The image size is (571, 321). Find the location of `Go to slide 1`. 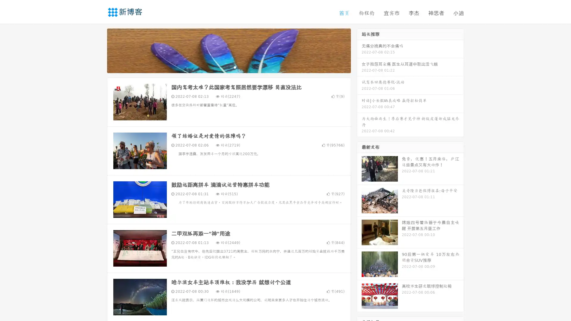

Go to slide 1 is located at coordinates (222, 67).